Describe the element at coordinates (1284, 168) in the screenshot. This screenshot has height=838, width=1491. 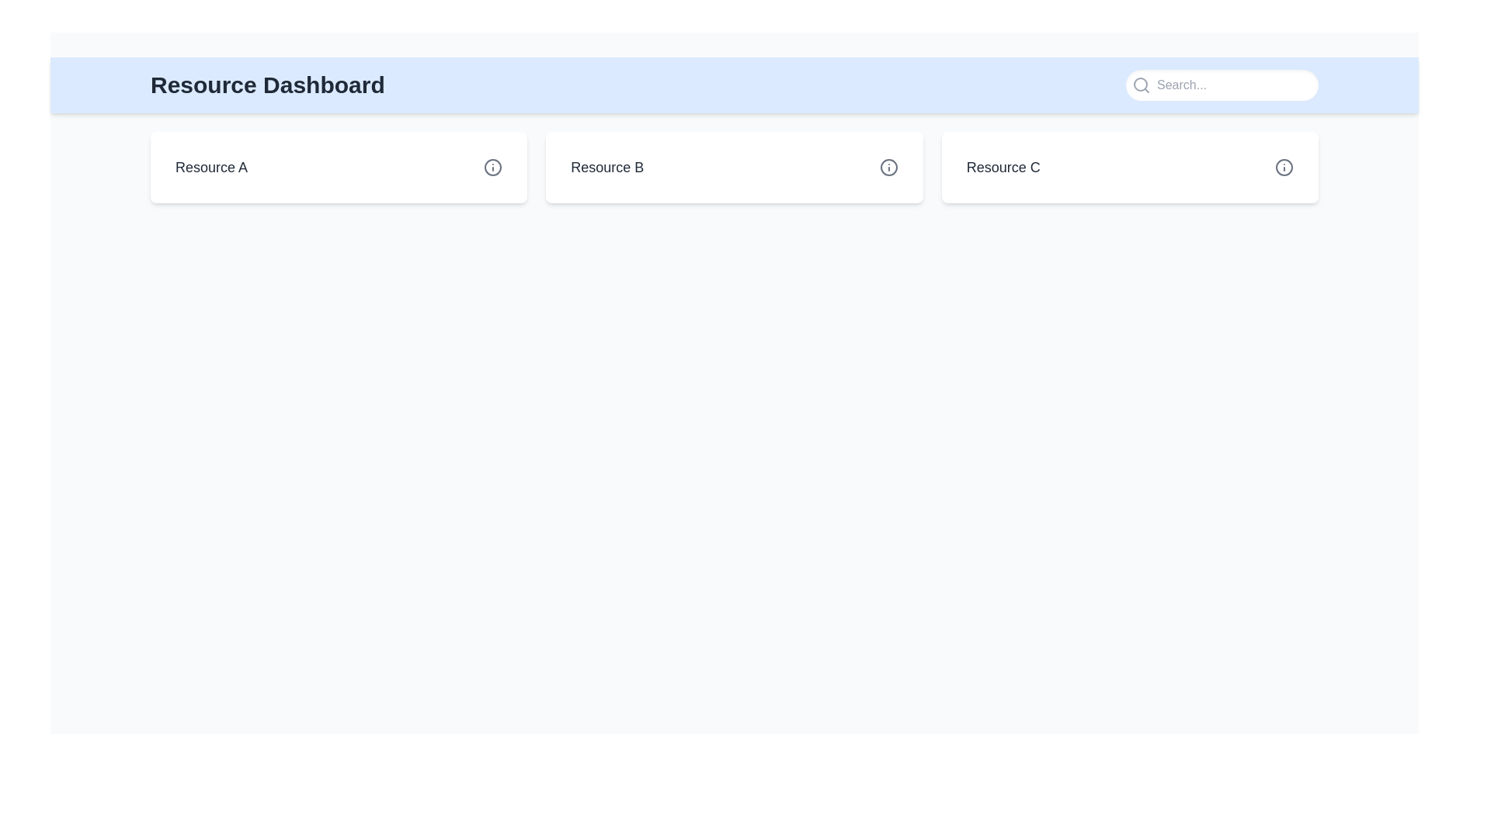
I see `the 'info' icon located to the far right of the 'Resource C' text` at that location.